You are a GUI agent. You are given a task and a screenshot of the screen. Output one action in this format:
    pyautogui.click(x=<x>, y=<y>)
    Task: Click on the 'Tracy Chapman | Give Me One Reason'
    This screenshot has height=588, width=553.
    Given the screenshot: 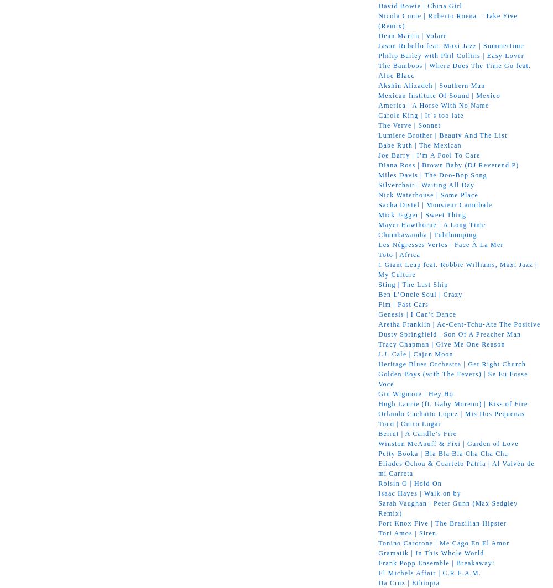 What is the action you would take?
    pyautogui.click(x=441, y=344)
    